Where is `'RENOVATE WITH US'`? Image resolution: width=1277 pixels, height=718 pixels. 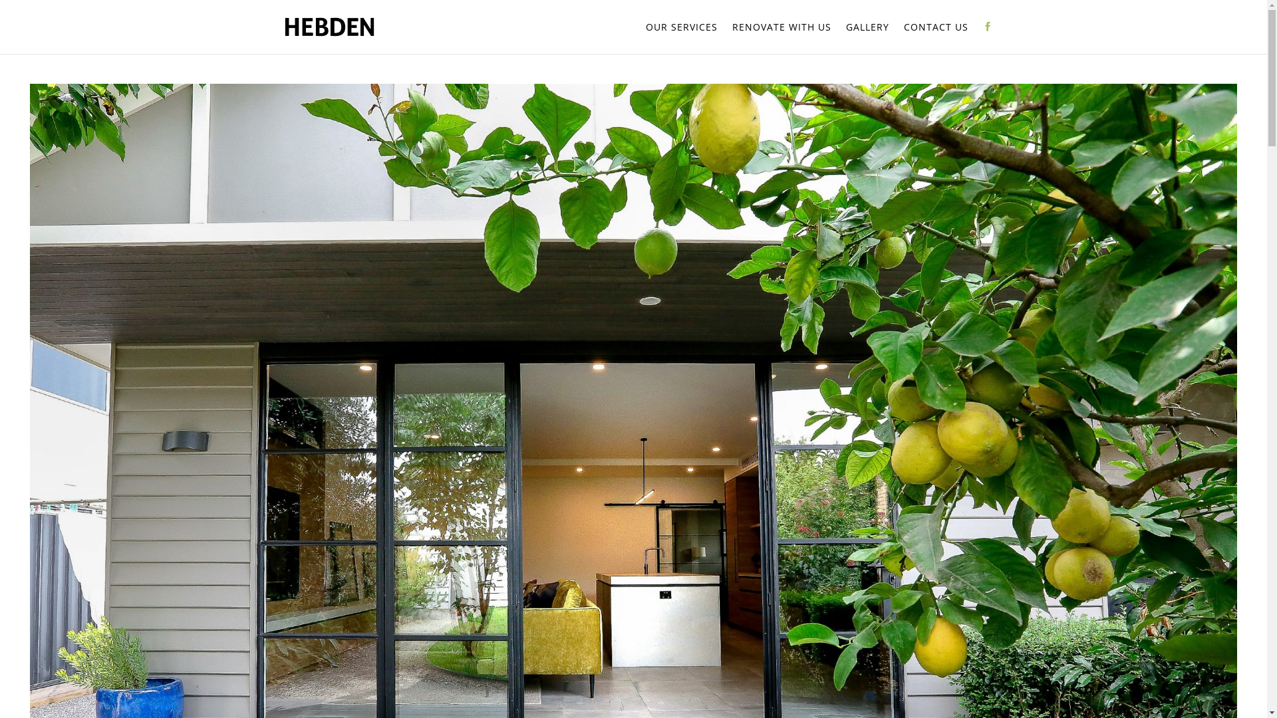
'RENOVATE WITH US' is located at coordinates (730, 37).